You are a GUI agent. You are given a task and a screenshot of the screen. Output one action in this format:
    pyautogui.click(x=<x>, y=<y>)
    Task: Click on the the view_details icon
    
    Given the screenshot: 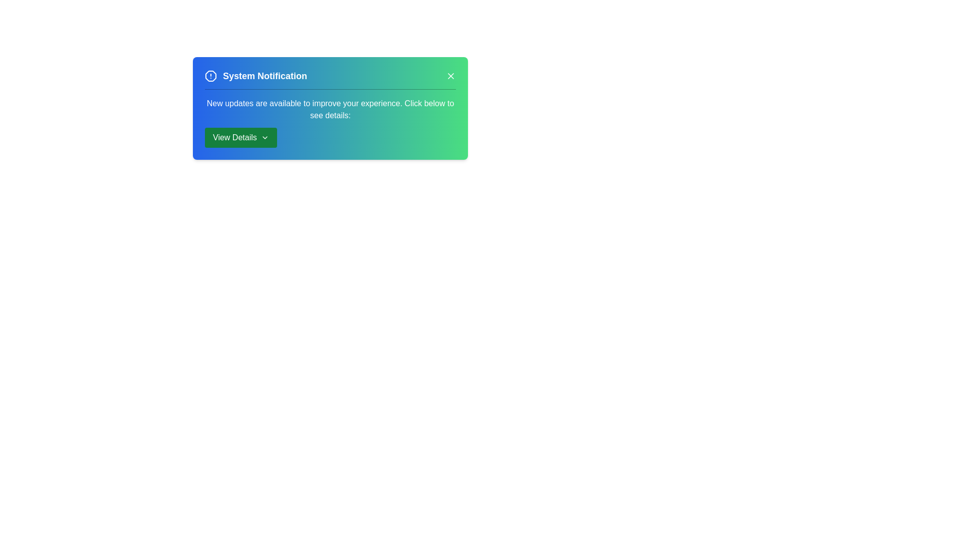 What is the action you would take?
    pyautogui.click(x=241, y=137)
    